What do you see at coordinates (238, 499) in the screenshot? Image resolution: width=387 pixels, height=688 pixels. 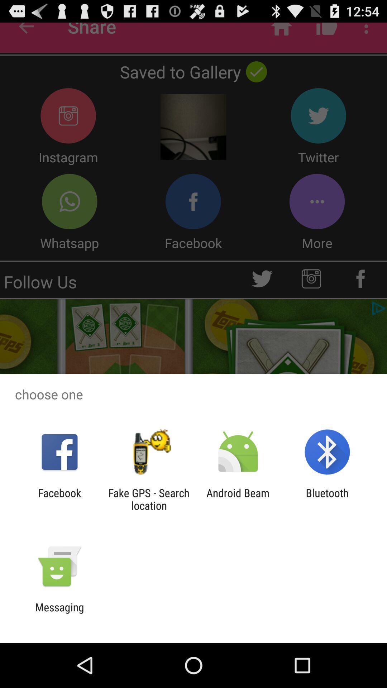 I see `android beam app` at bounding box center [238, 499].